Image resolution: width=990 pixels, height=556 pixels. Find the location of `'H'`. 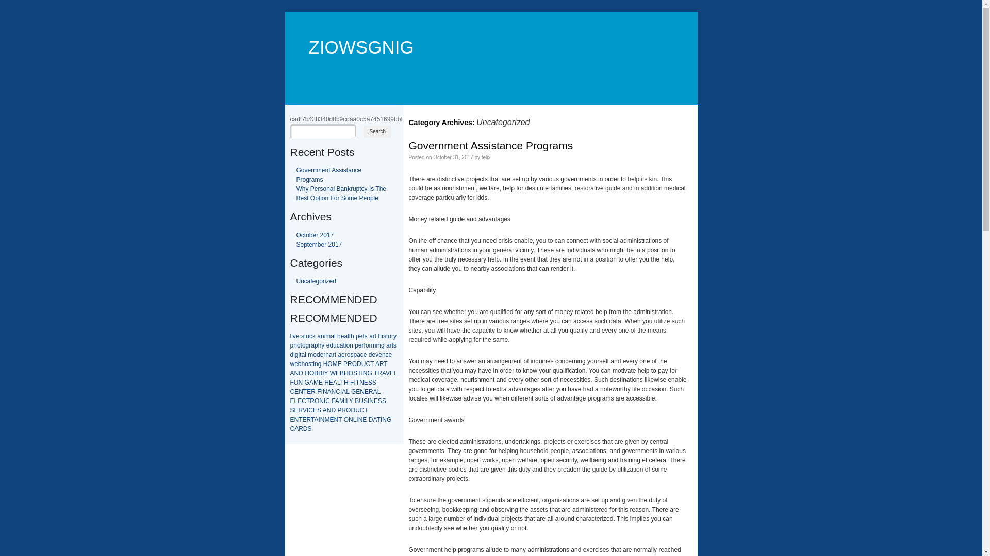

'H' is located at coordinates (304, 373).